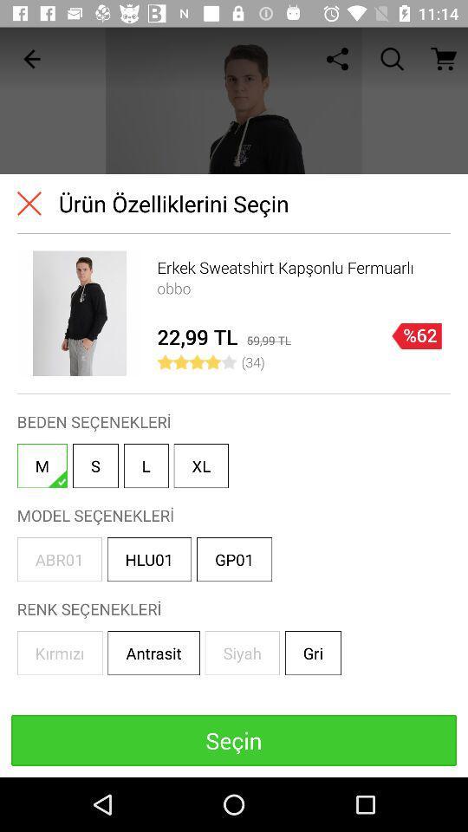 The height and width of the screenshot is (832, 468). Describe the element at coordinates (149, 558) in the screenshot. I see `the item to the left of gp01 item` at that location.